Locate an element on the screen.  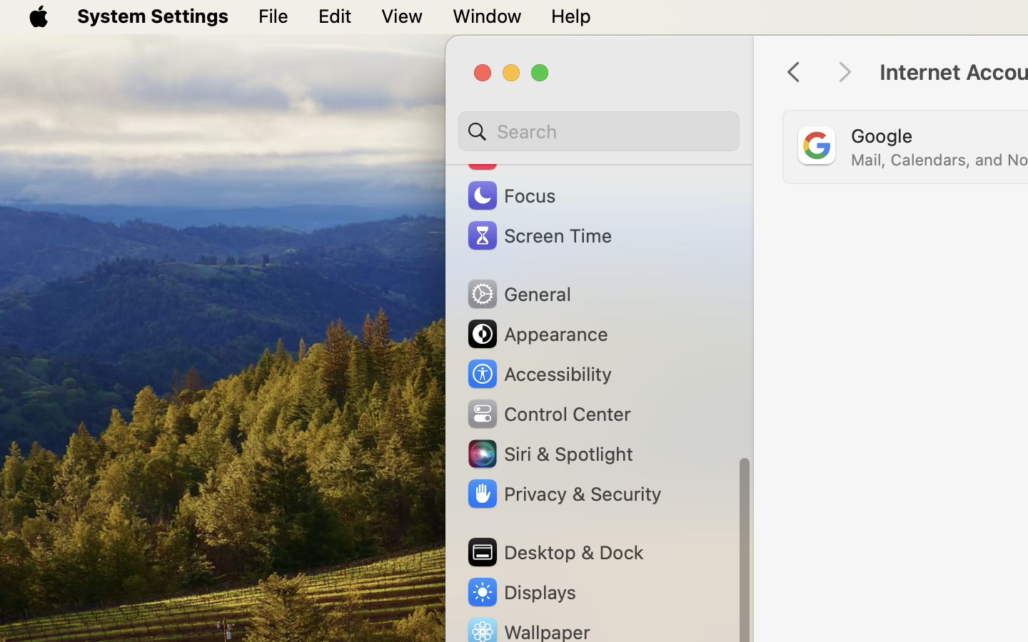
'Screen Time' is located at coordinates (538, 235).